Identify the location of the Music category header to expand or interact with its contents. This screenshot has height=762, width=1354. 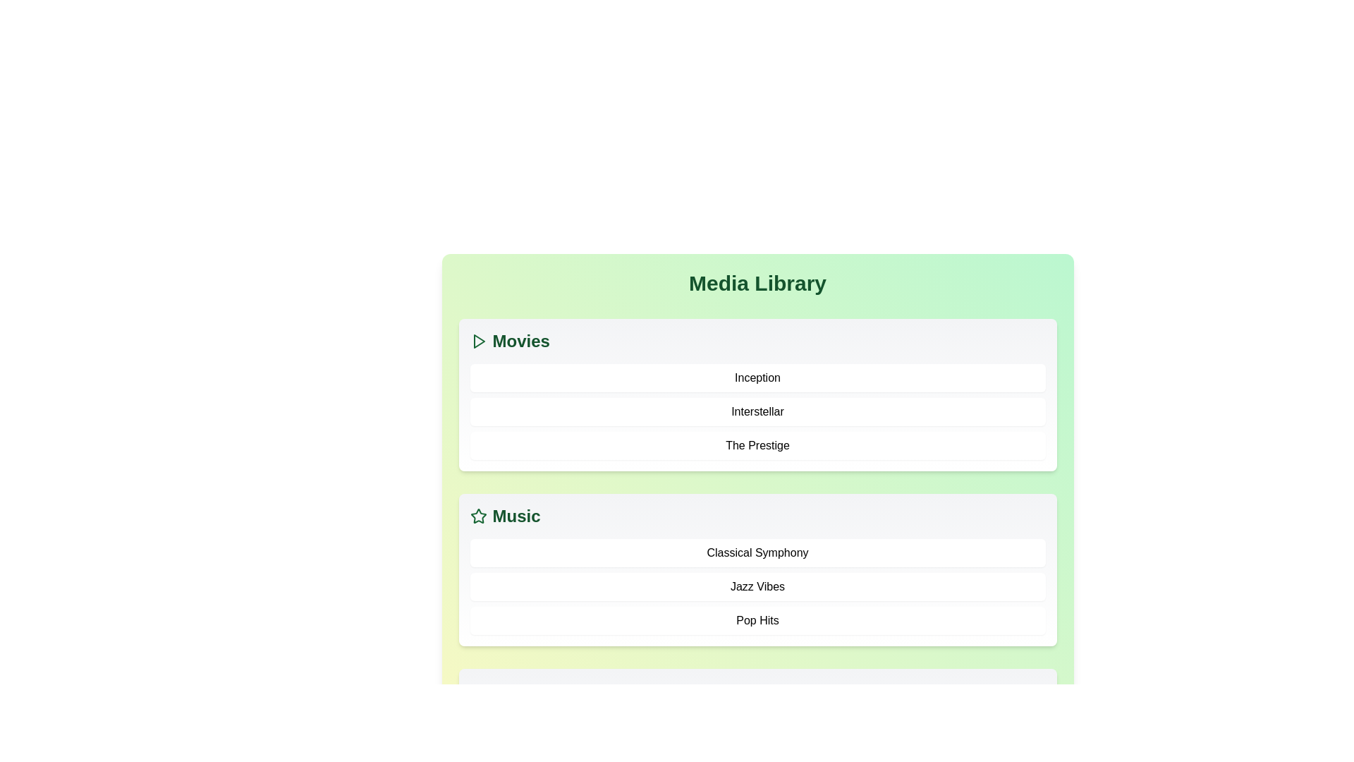
(515, 516).